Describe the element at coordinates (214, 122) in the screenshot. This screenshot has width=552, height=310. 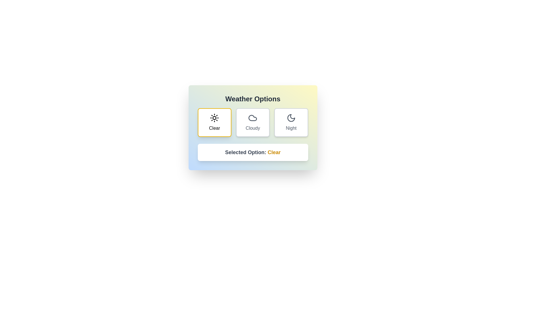
I see `the 'Clear' button featuring a sun icon` at that location.